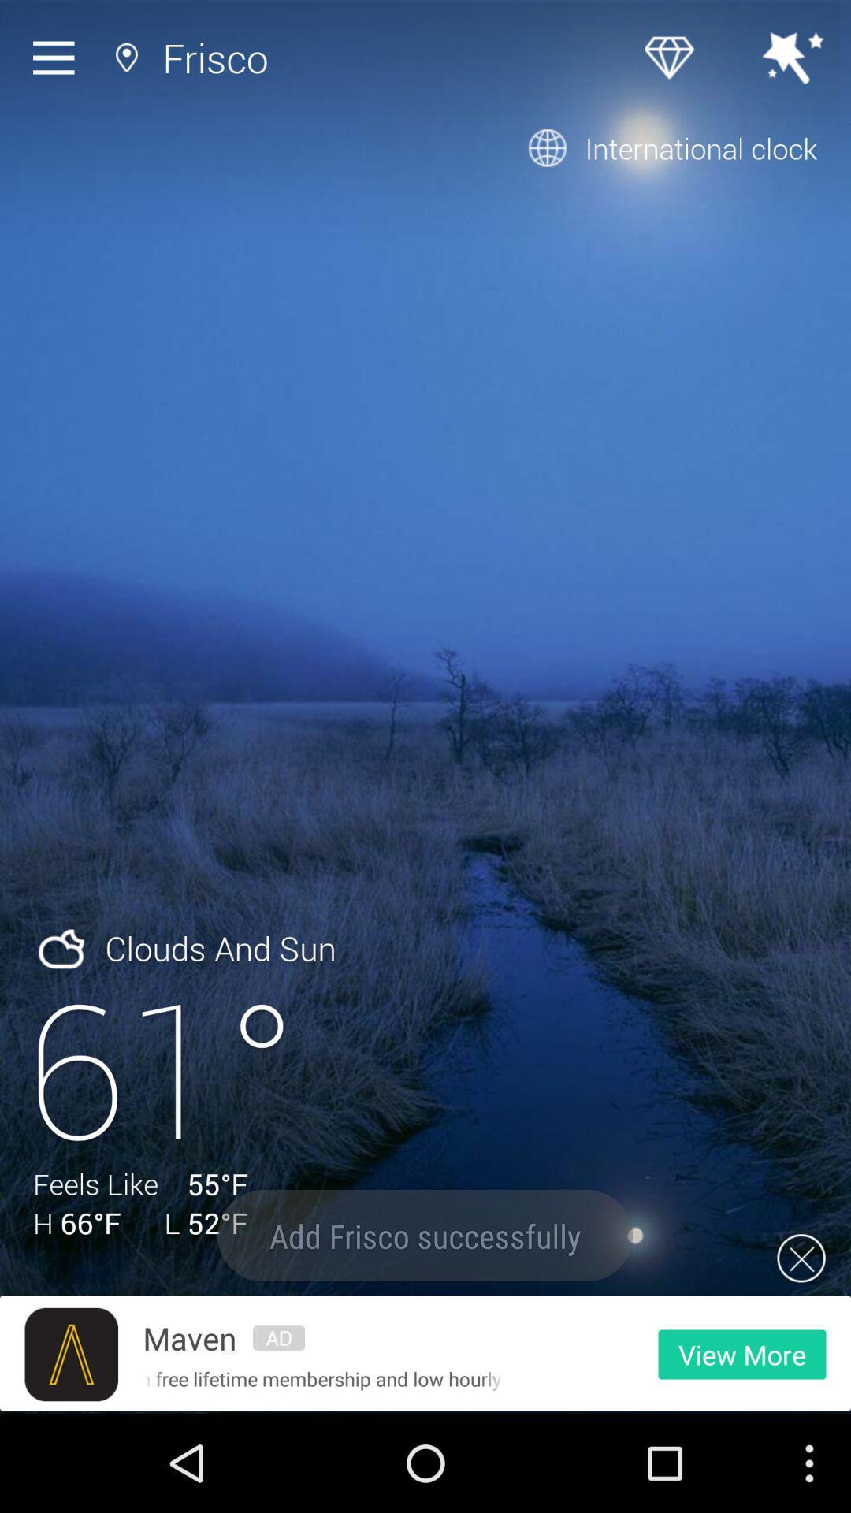 The width and height of the screenshot is (851, 1513). Describe the element at coordinates (801, 1345) in the screenshot. I see `the close icon` at that location.